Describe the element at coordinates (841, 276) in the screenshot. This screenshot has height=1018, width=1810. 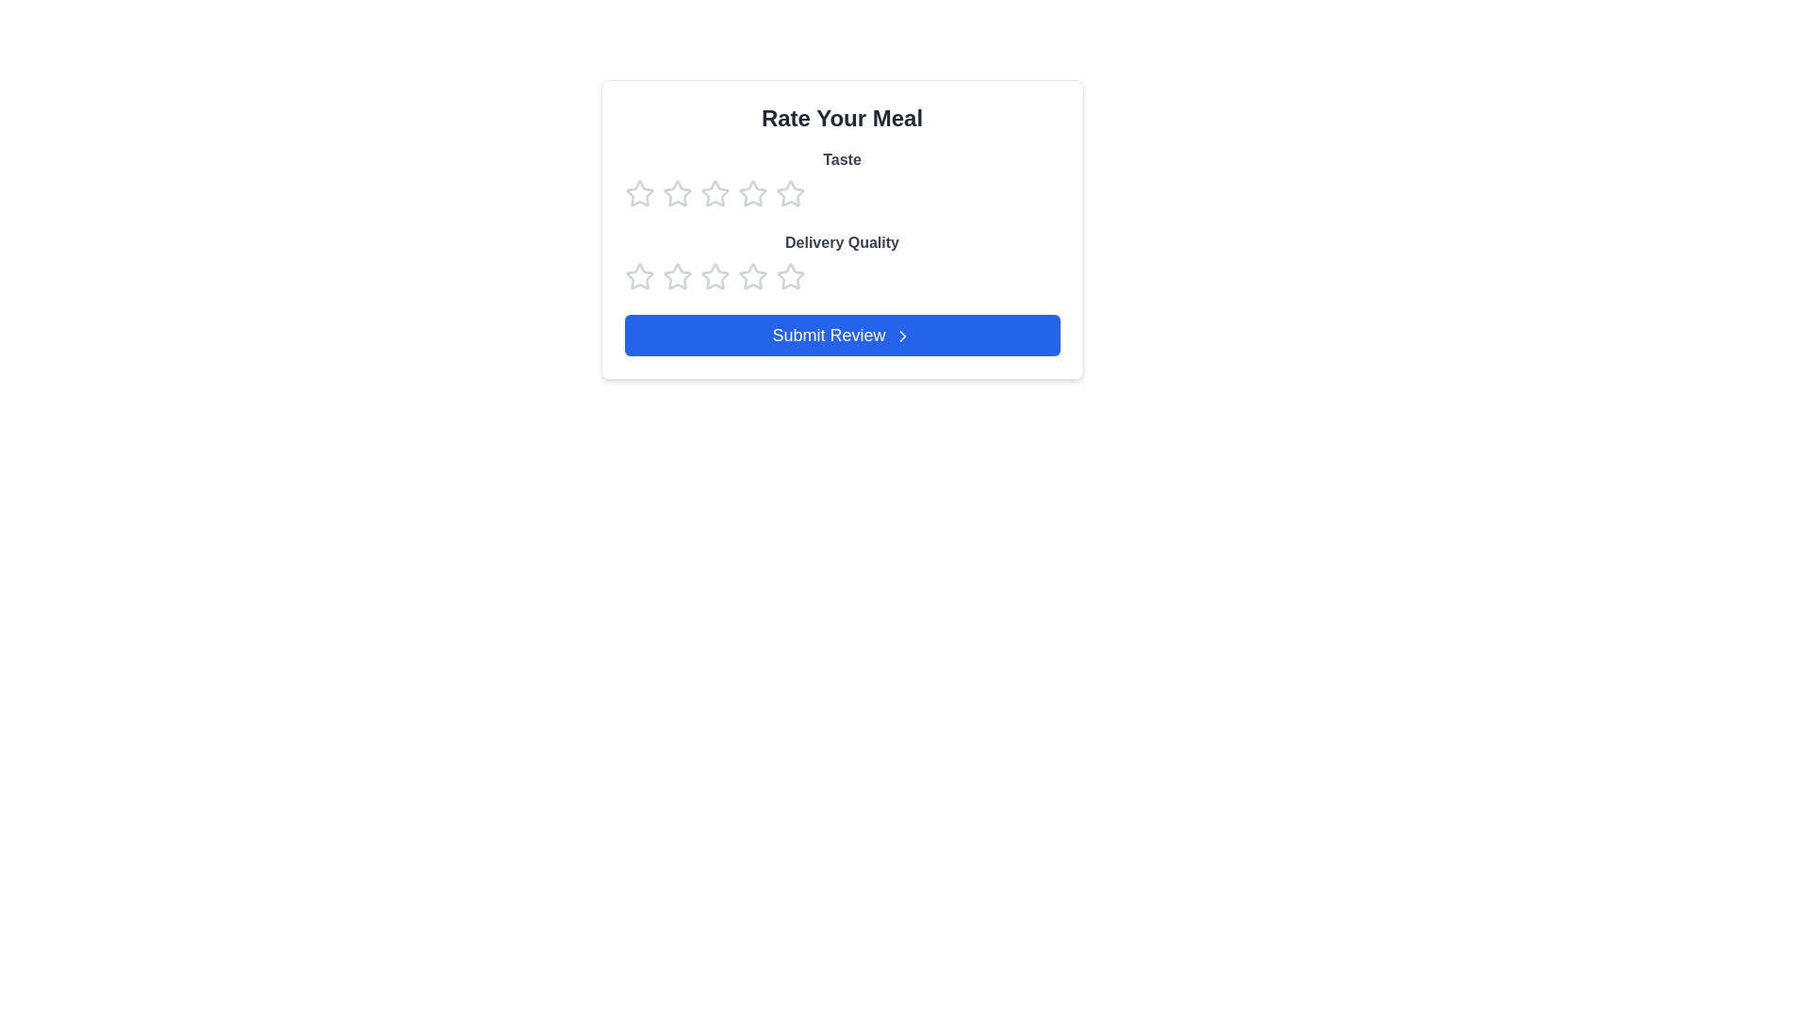
I see `the 'Delivery Quality' rating component, which consists of five star icons positioned sequentially from left to right` at that location.